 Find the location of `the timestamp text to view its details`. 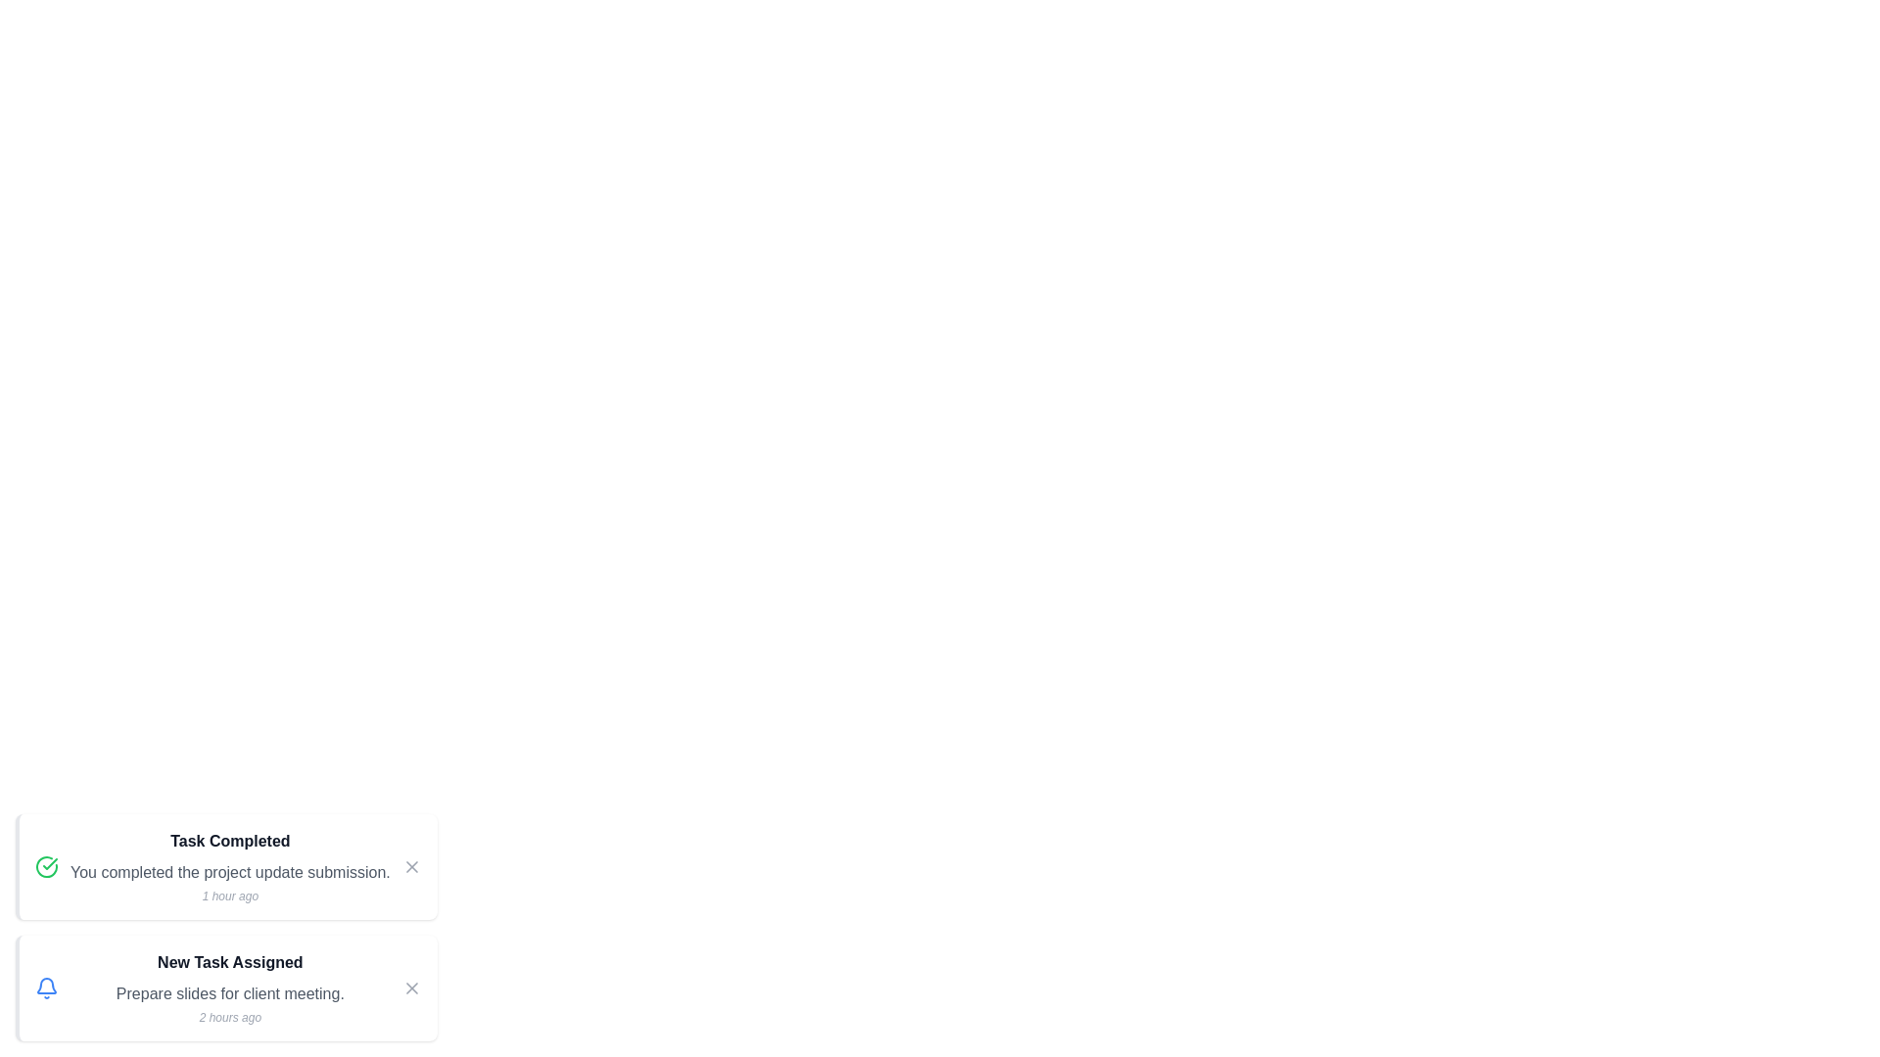

the timestamp text to view its details is located at coordinates (230, 896).